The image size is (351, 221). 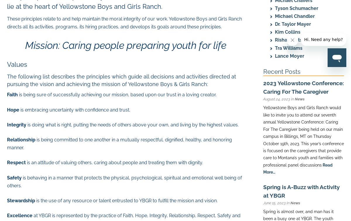 I want to click on 'is behaving in a manner that protects the physical, psychological, spiritual and emotional well being of others.', so click(x=124, y=181).